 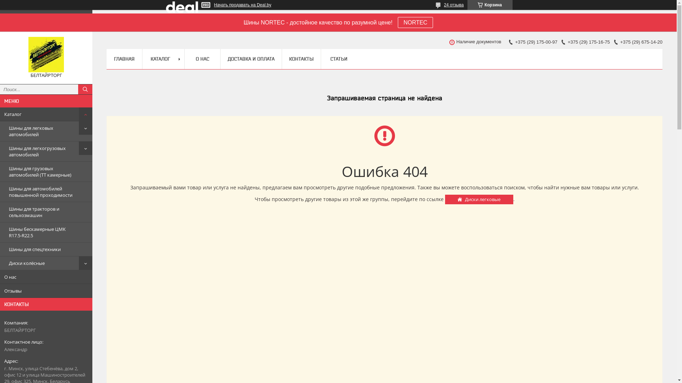 I want to click on 'NORTEC', so click(x=397, y=22).